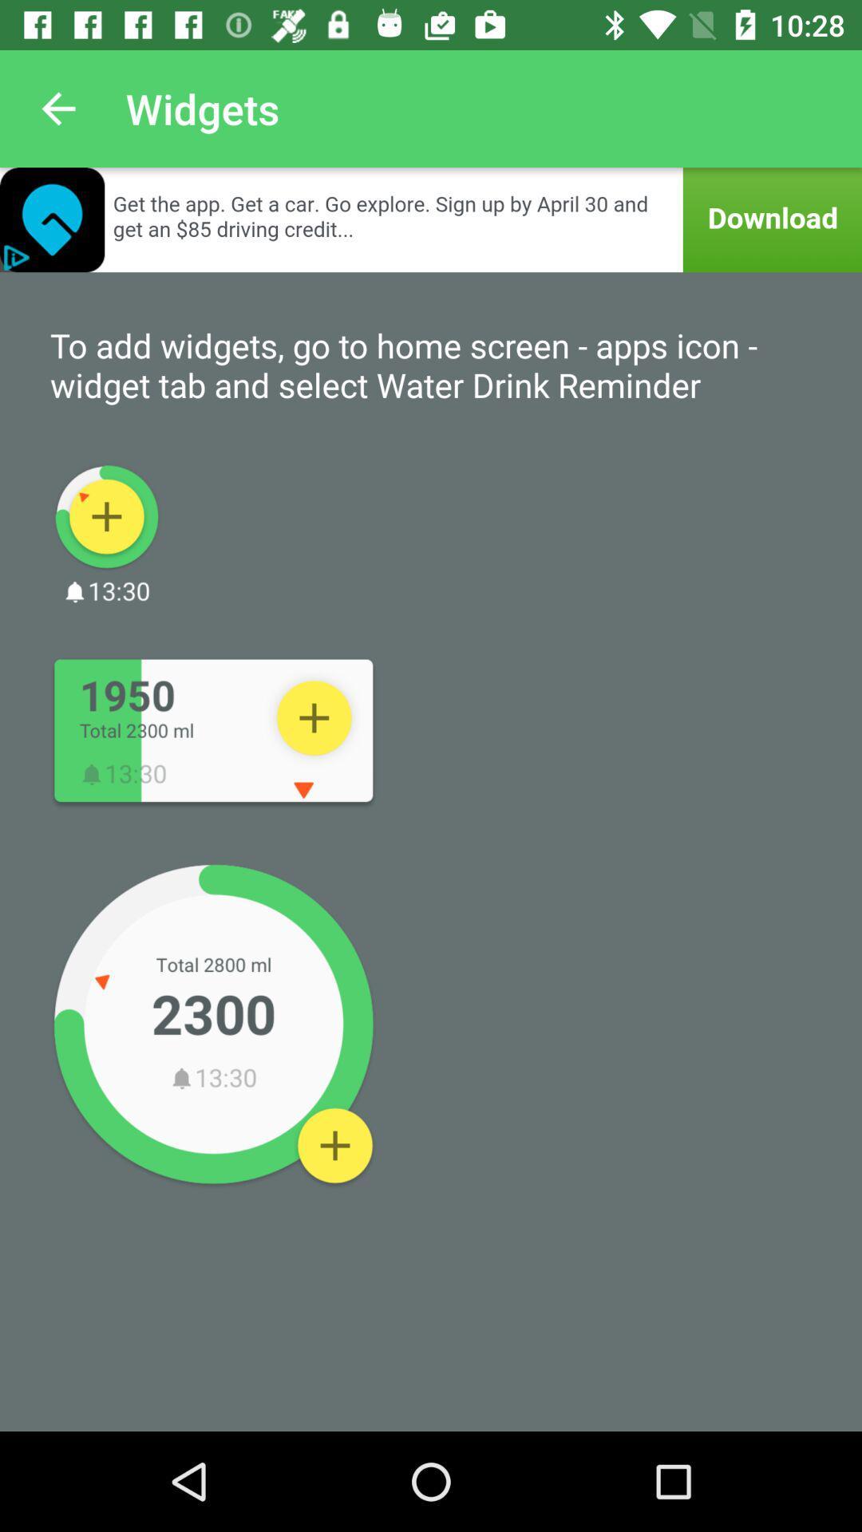 The height and width of the screenshot is (1532, 862). Describe the element at coordinates (57, 108) in the screenshot. I see `item to the left of the widgets icon` at that location.